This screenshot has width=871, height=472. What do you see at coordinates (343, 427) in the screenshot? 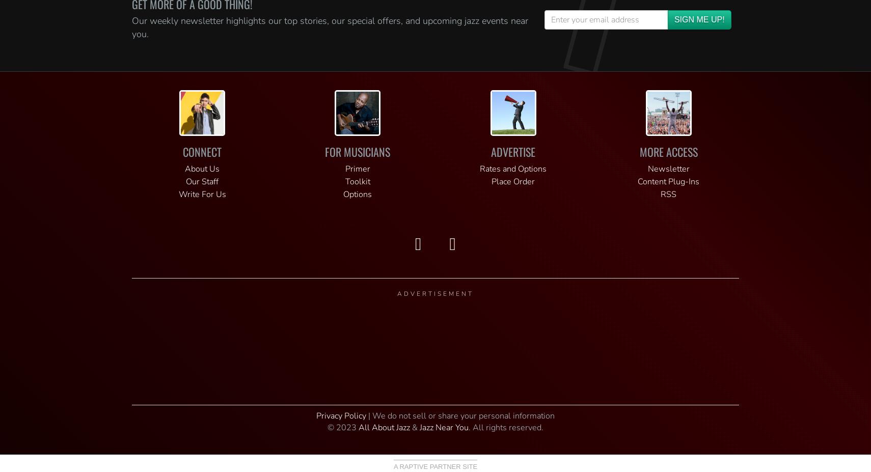
I see `'© 2023'` at bounding box center [343, 427].